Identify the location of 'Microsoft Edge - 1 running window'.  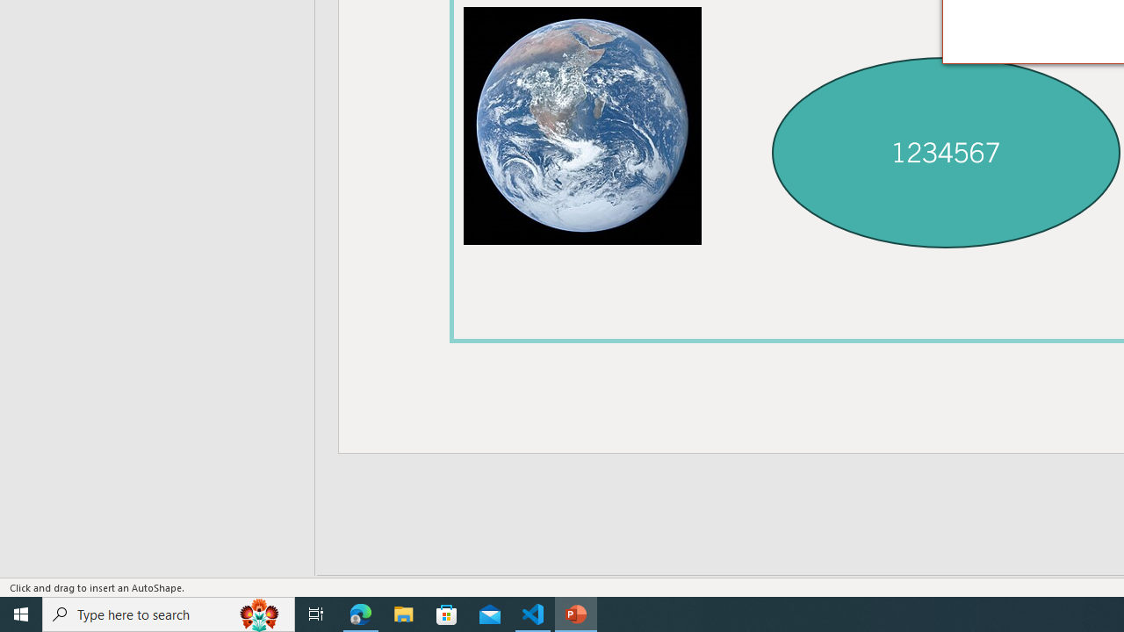
(360, 613).